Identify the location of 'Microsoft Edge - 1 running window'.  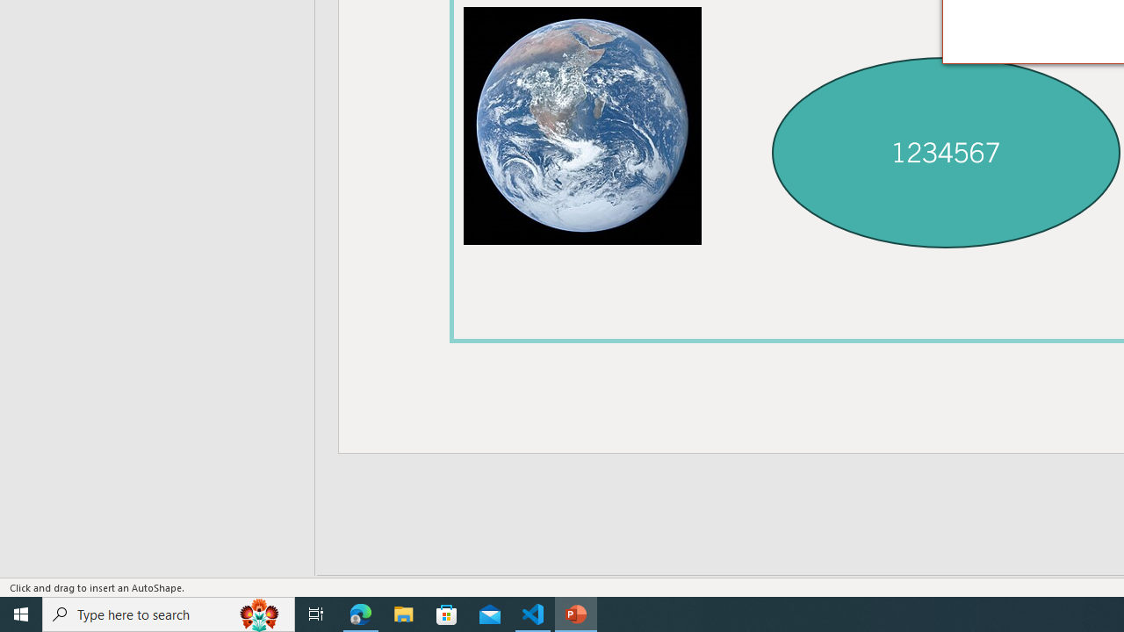
(360, 613).